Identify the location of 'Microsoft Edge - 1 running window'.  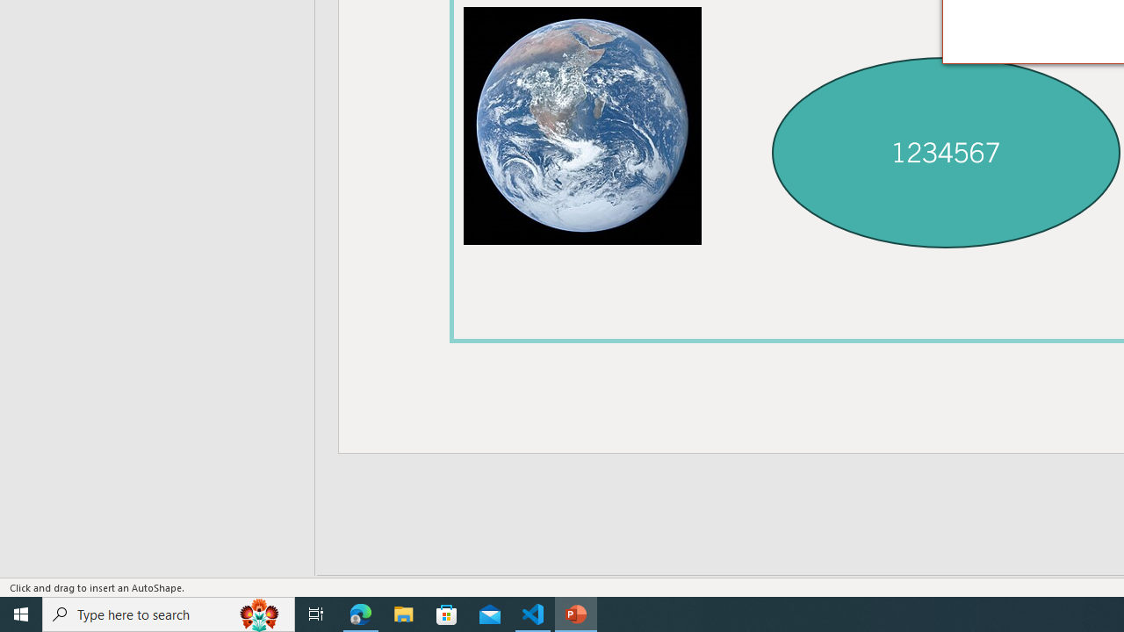
(360, 613).